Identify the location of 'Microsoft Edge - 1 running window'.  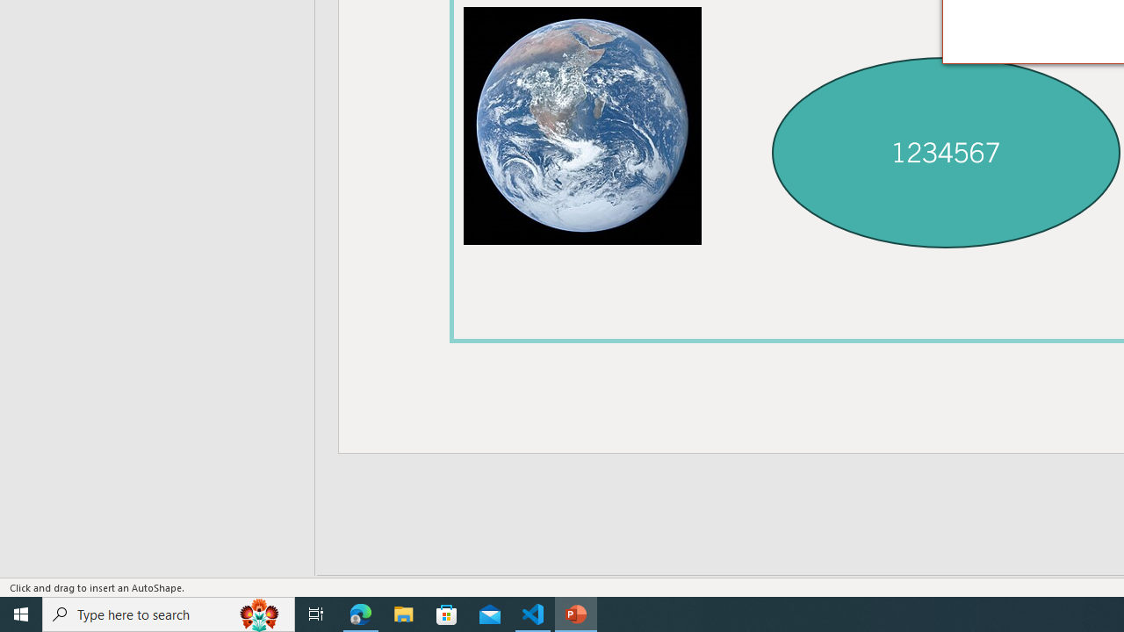
(360, 613).